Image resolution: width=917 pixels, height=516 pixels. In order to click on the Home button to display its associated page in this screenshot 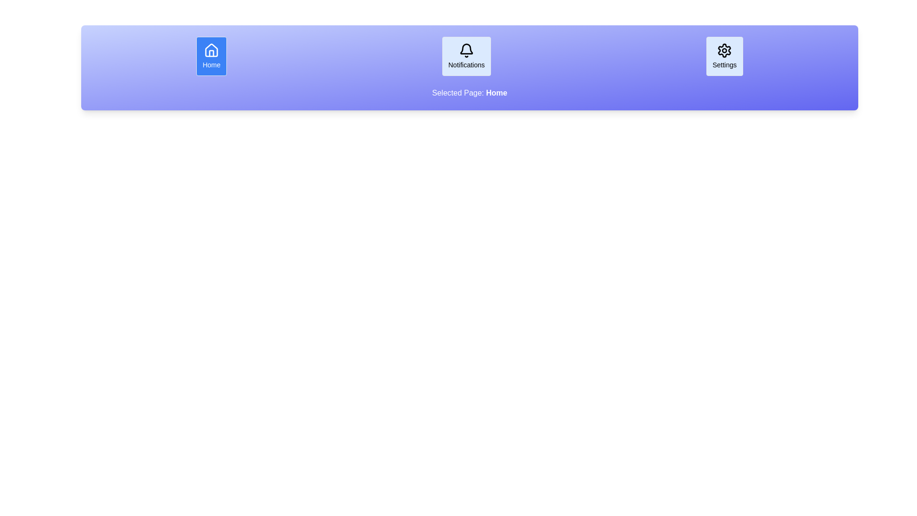, I will do `click(211, 56)`.